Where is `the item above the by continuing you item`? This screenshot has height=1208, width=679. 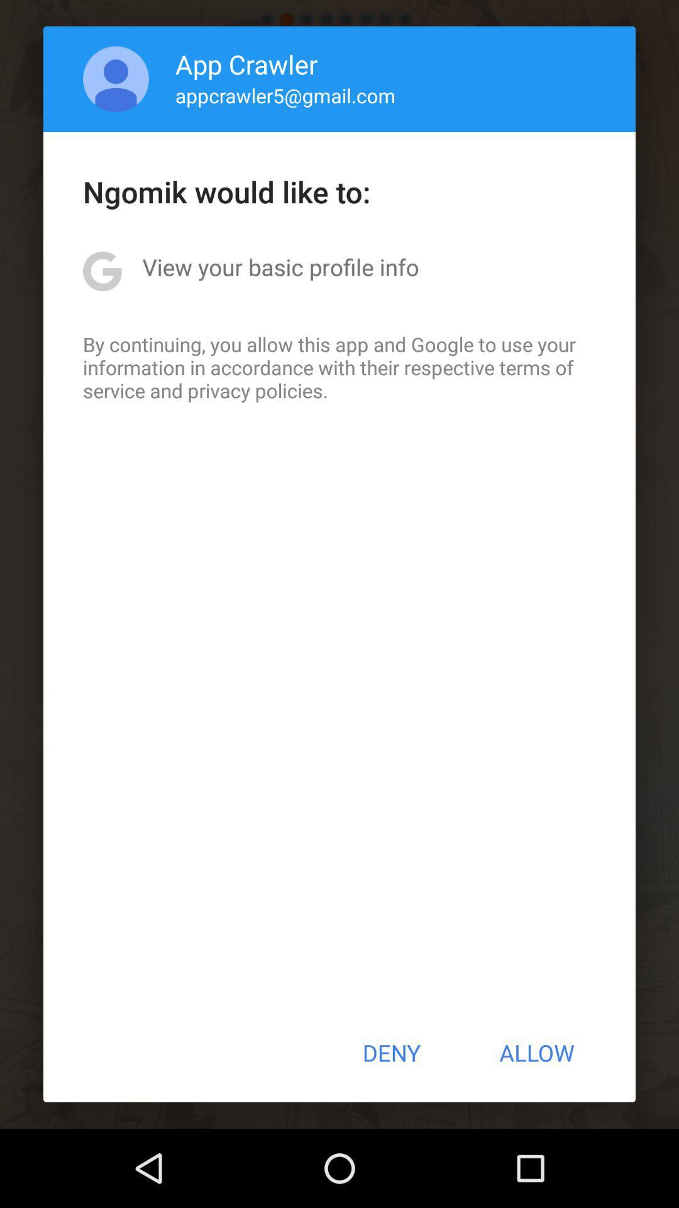
the item above the by continuing you item is located at coordinates (280, 266).